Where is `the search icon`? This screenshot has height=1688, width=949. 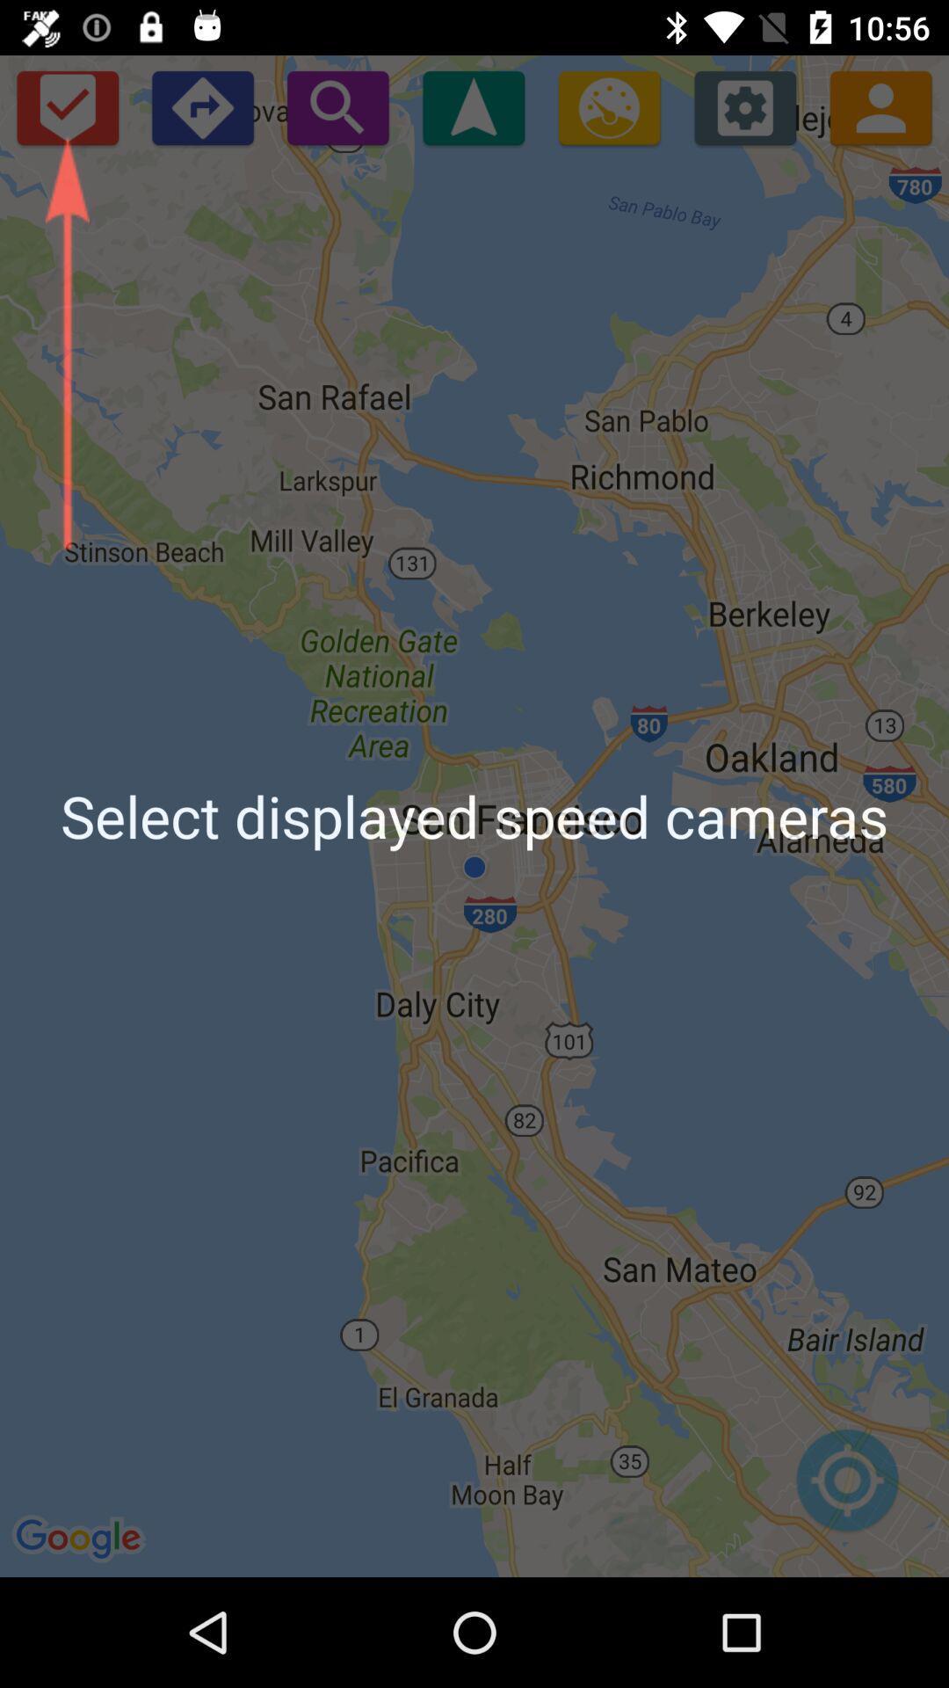
the search icon is located at coordinates (337, 106).